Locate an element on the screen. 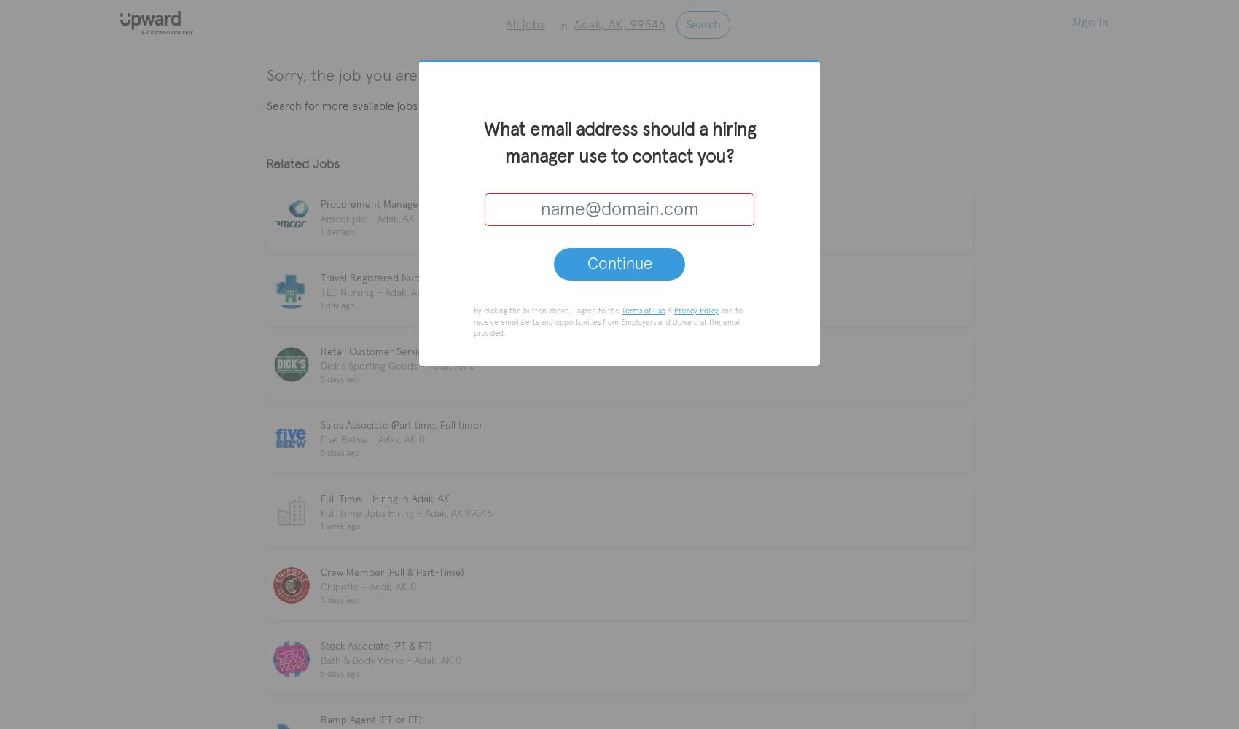 This screenshot has height=729, width=1239. 'Ramp Agent (PT or FT)' is located at coordinates (370, 719).